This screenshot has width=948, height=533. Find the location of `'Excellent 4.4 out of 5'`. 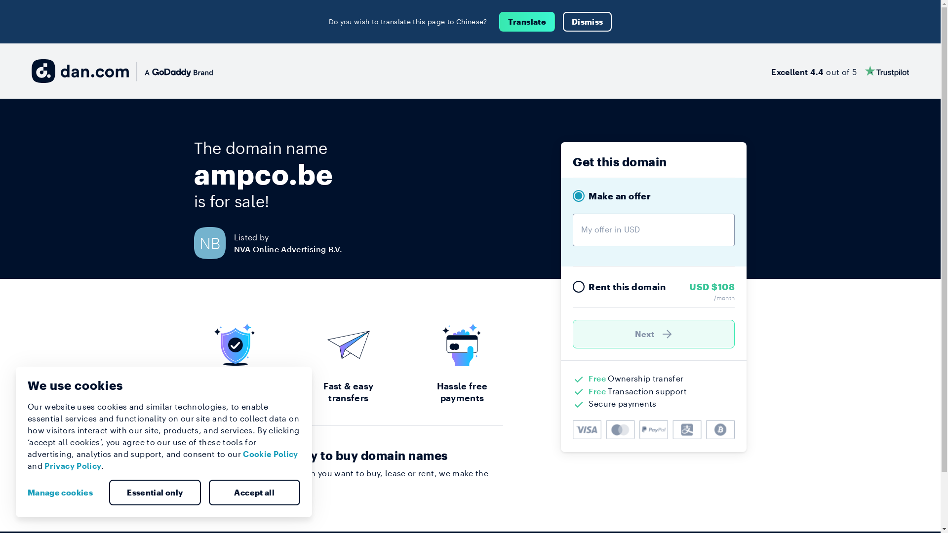

'Excellent 4.4 out of 5' is located at coordinates (839, 70).